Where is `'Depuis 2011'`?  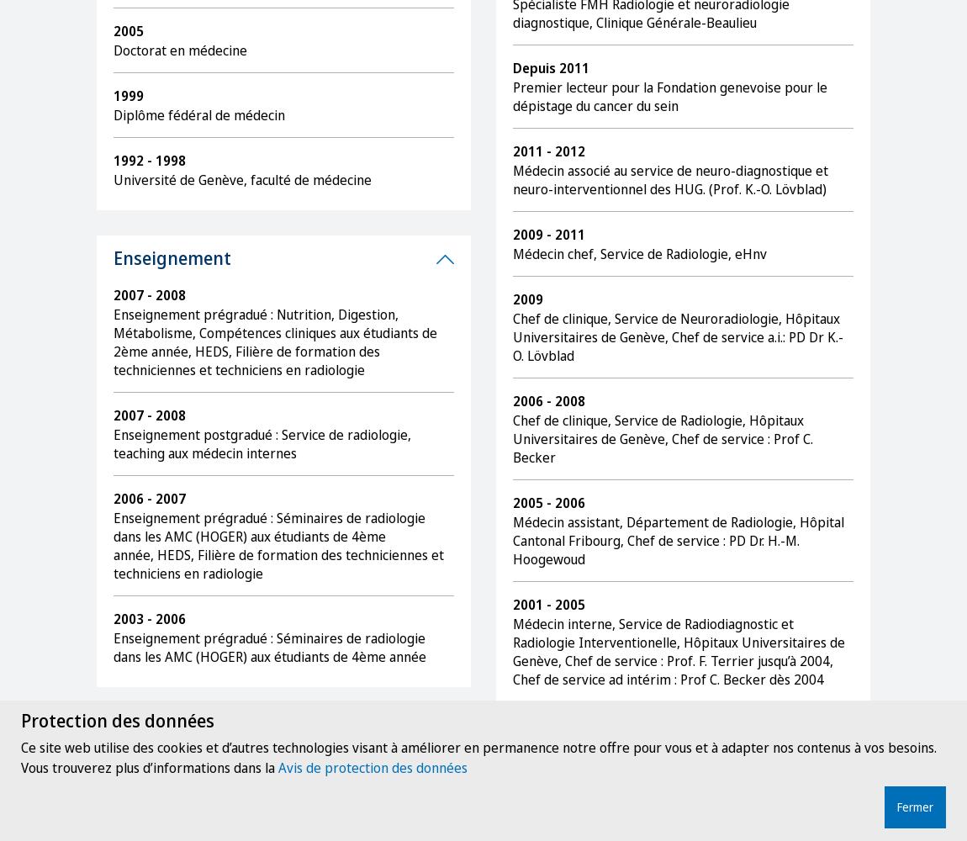
'Depuis 2011' is located at coordinates (550, 67).